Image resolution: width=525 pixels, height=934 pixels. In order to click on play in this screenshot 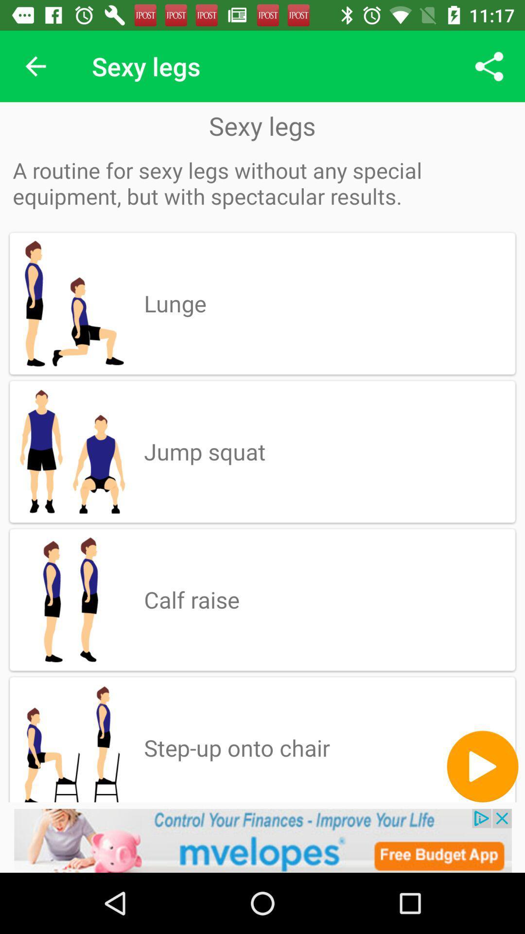, I will do `click(482, 766)`.